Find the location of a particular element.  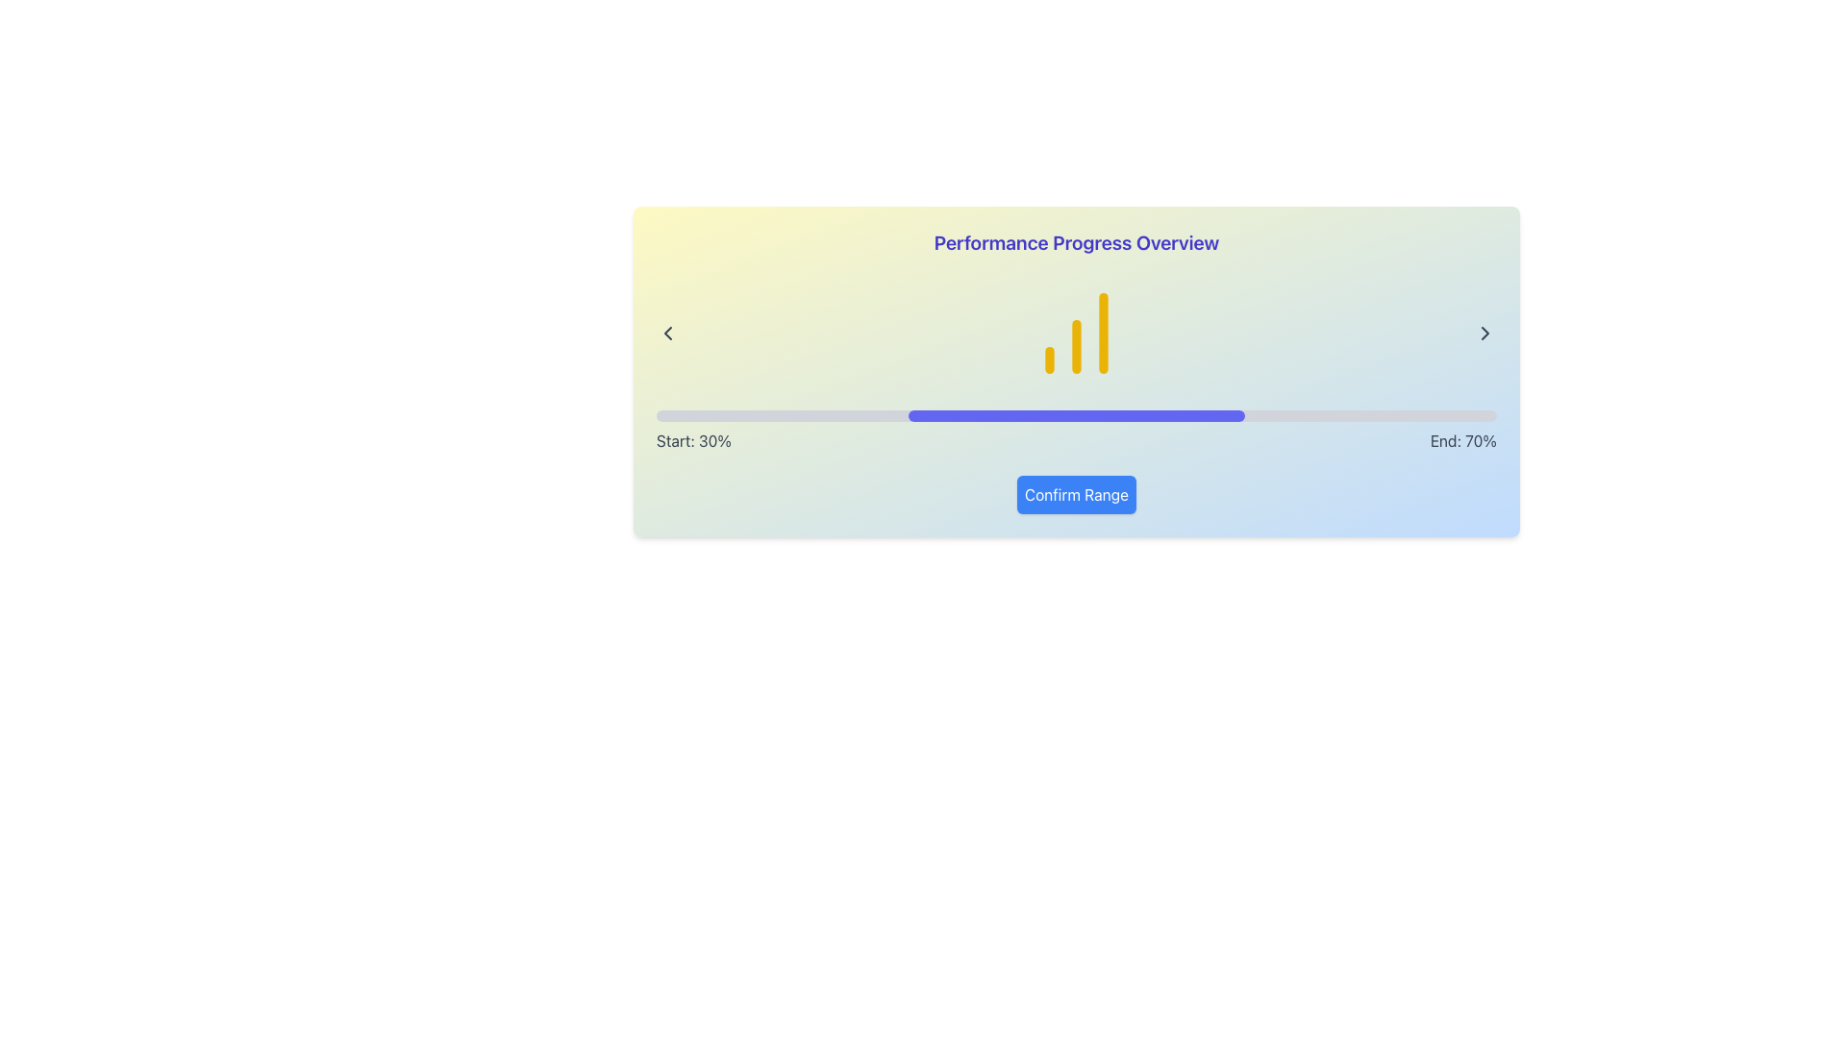

the gold-colored vertical bar chart in the Data Visualization Panel is located at coordinates (1075, 333).